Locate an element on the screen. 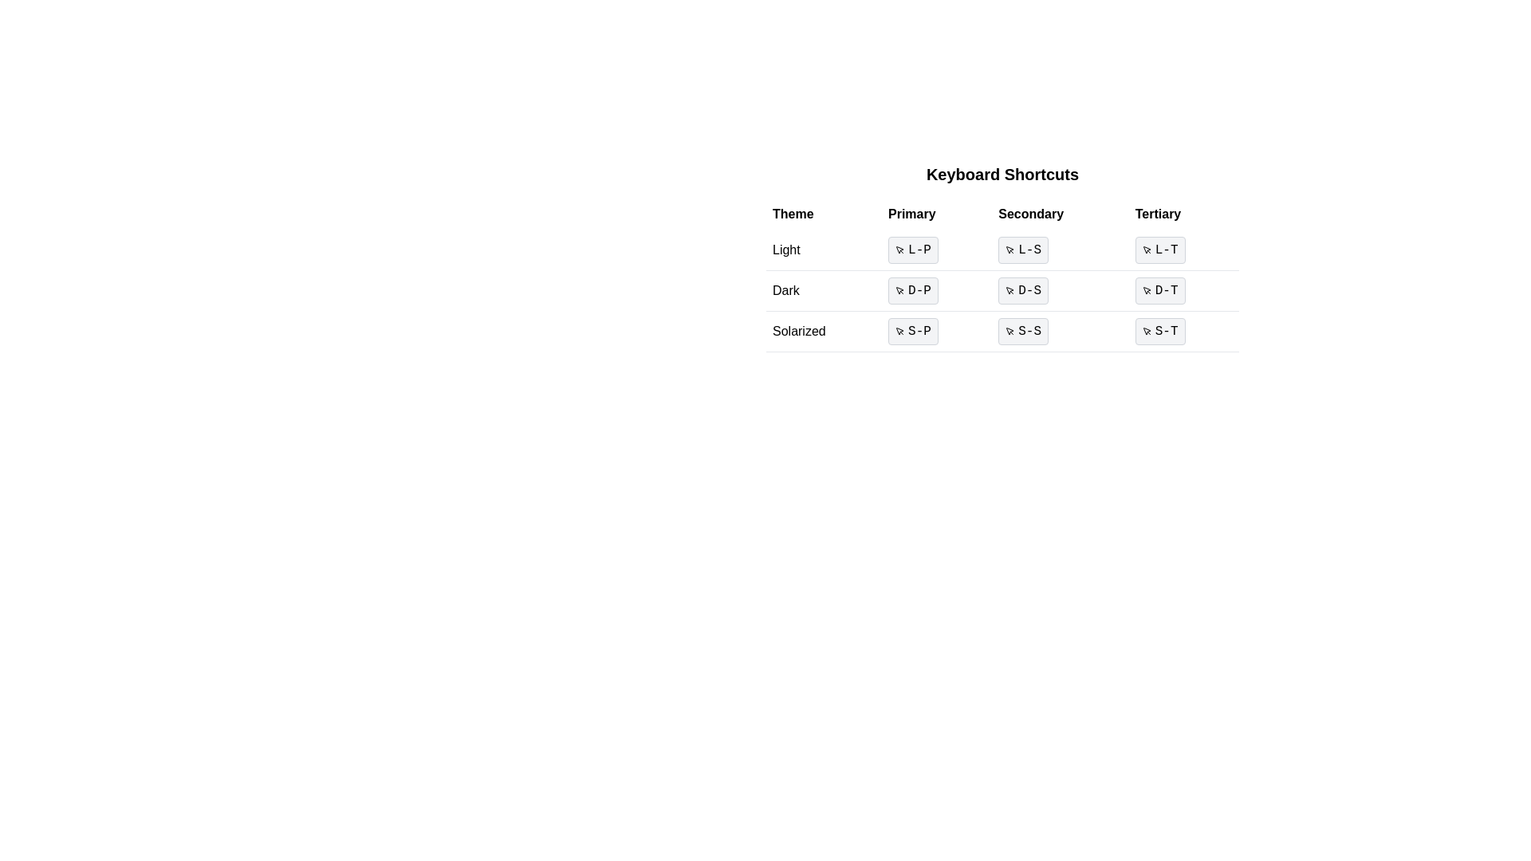 This screenshot has width=1531, height=861. the 'S-S' button located in the 'Keyboard Shortcuts' table under the 'Solarized' row and 'Secondary' column is located at coordinates (1060, 331).